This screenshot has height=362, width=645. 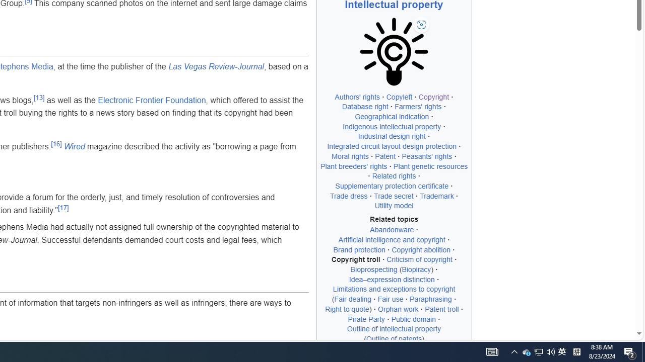 I want to click on 'Authors', so click(x=357, y=97).